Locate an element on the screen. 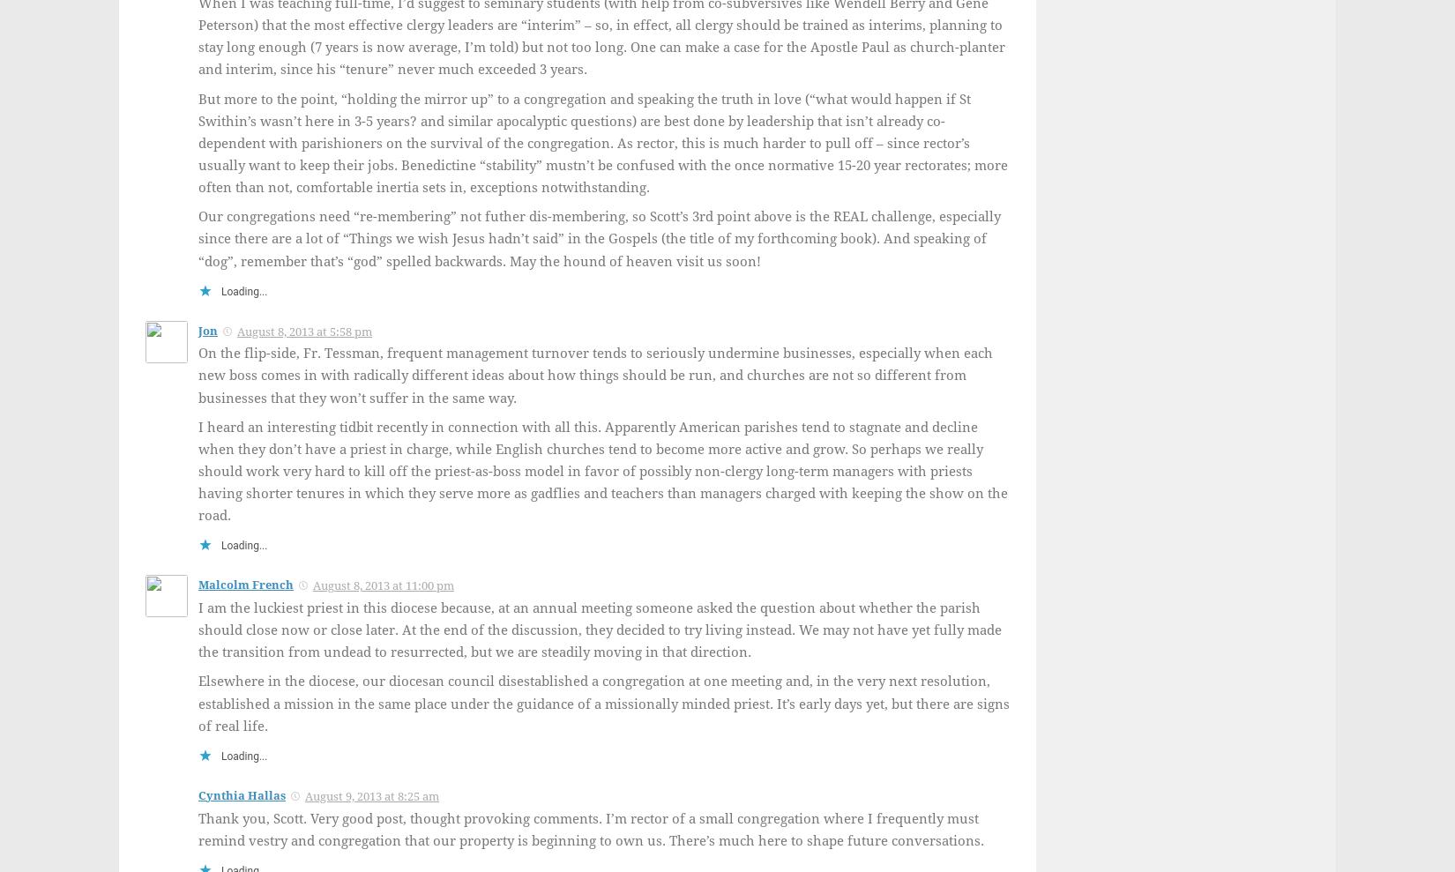  'Elsewhere in the diocese, our diocesan council disestablished a congregation at one meeting and, in the very next resolution, established a mission in the same place under the guidance of a missionally minded priest. It’s early days yet, but there are signs of real life.' is located at coordinates (603, 703).